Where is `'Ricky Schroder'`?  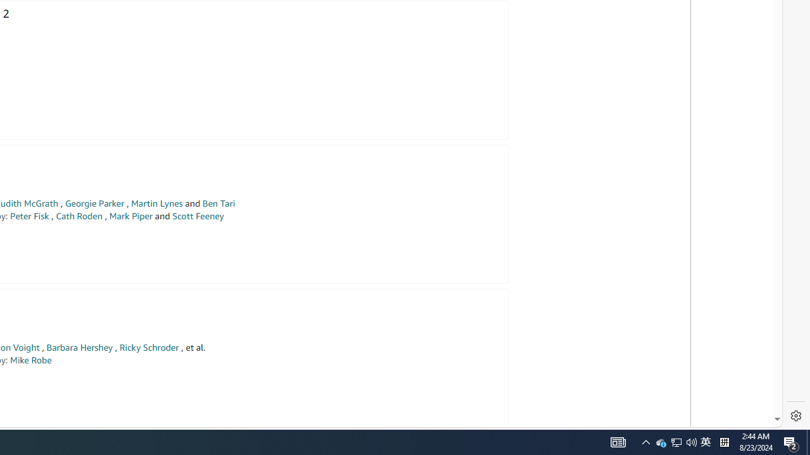
'Ricky Schroder' is located at coordinates (149, 348).